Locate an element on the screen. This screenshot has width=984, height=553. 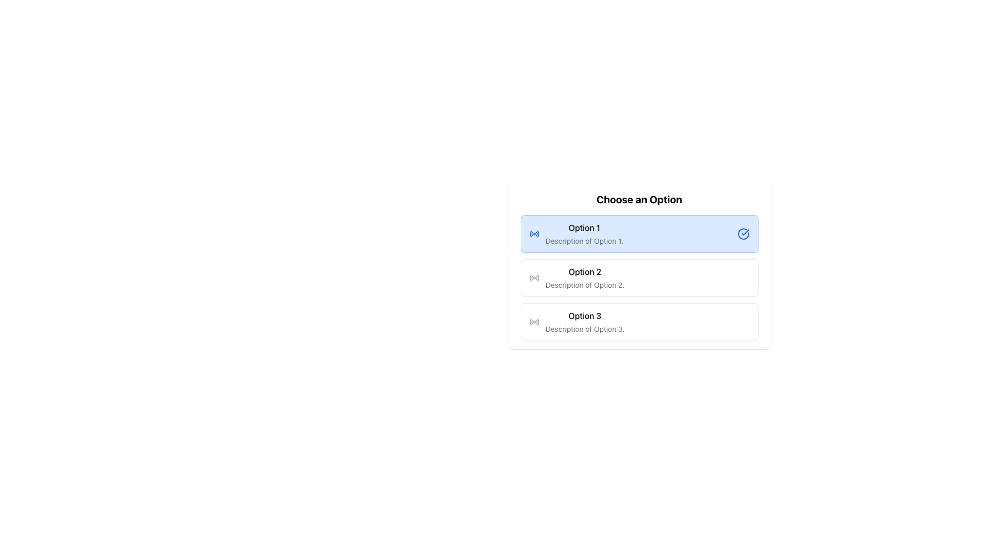
the text label reading 'Description of Option 1' which is positioned below the larger text label 'Option 1' in the option selection component is located at coordinates (584, 241).